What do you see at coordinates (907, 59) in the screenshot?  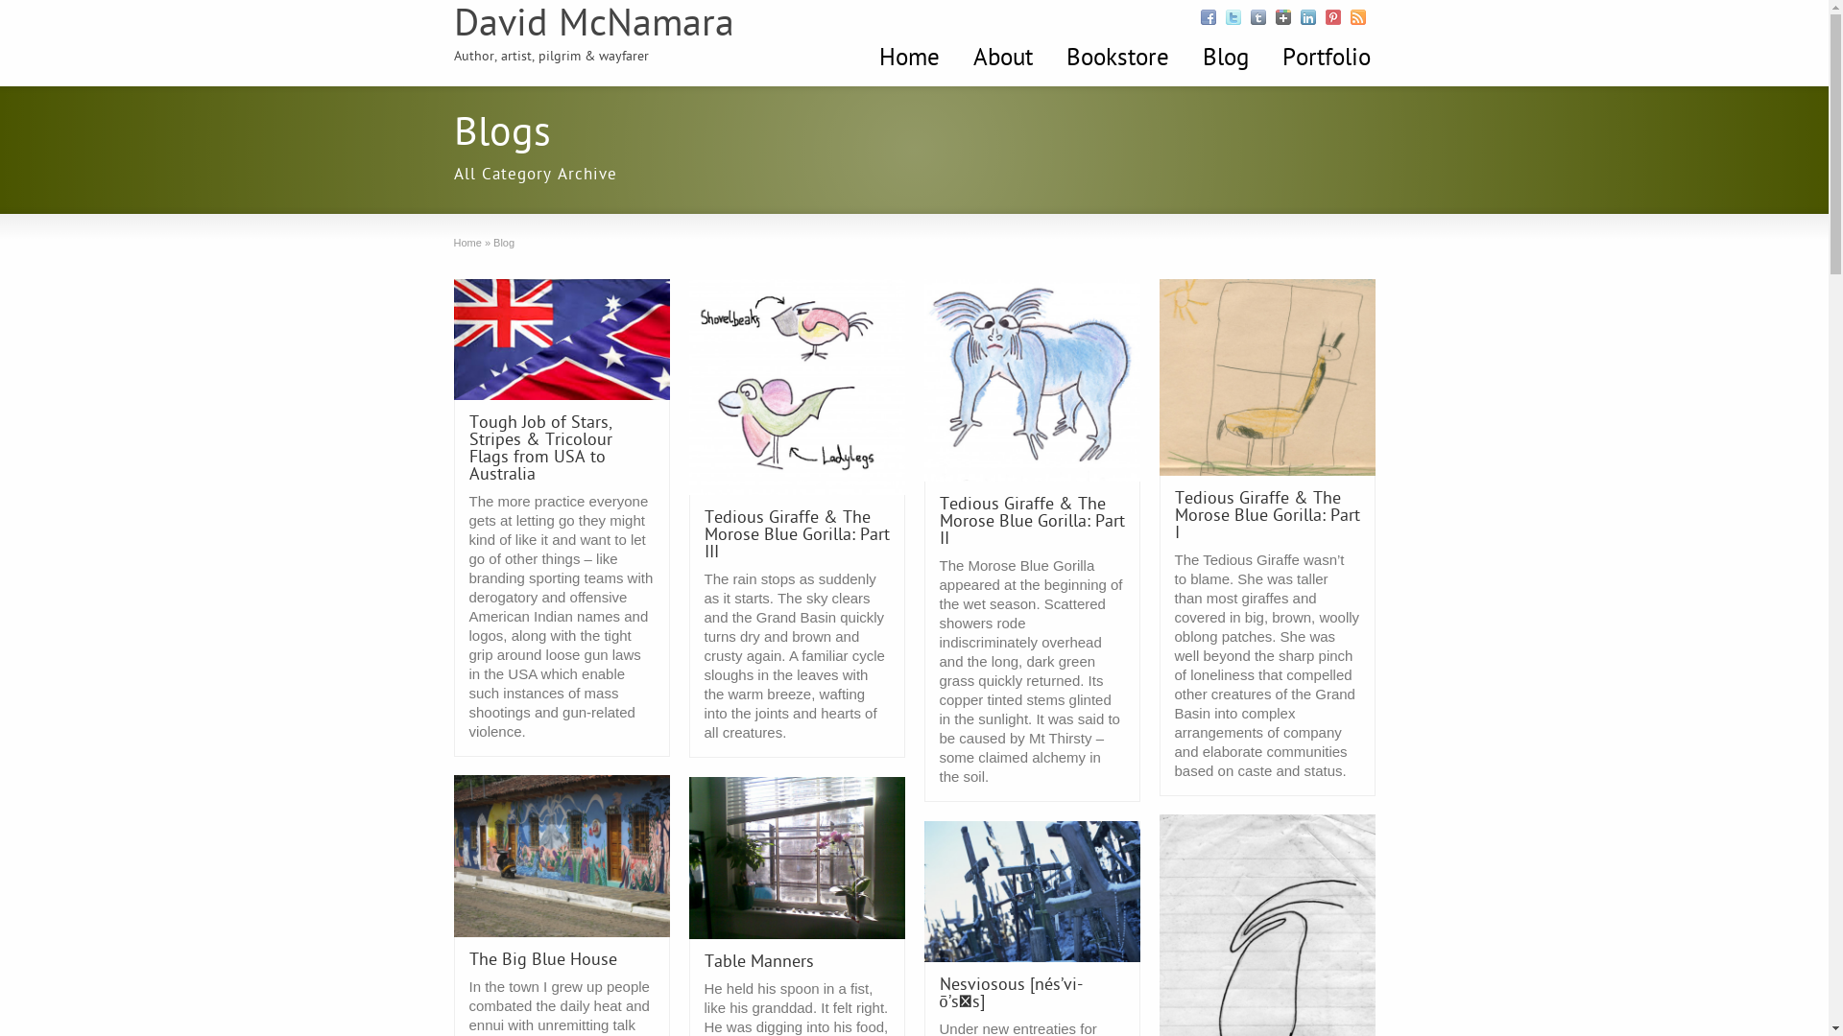 I see `'Home'` at bounding box center [907, 59].